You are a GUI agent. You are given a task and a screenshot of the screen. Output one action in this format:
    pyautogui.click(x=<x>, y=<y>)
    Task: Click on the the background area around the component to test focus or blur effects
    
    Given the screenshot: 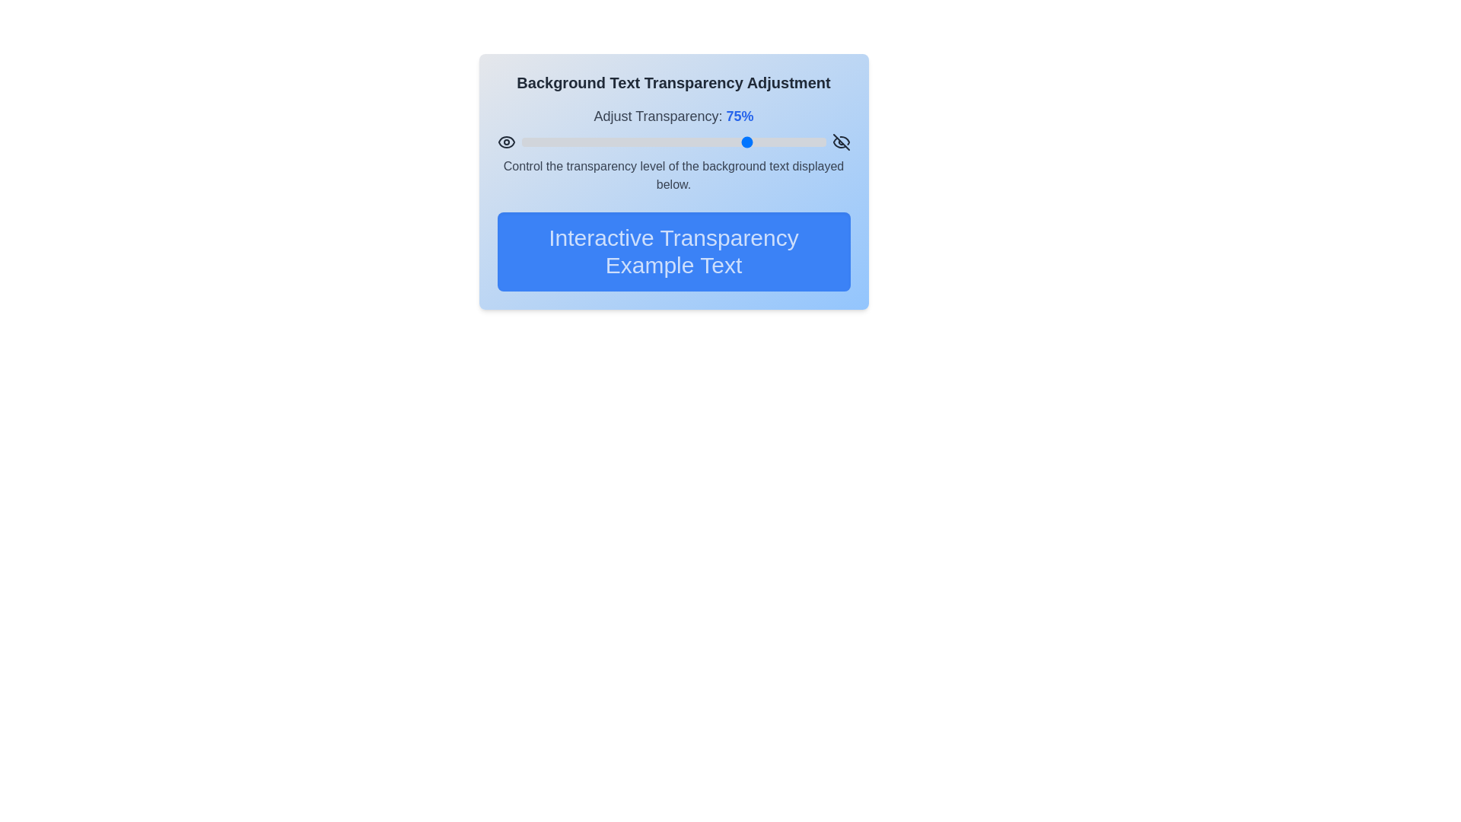 What is the action you would take?
    pyautogui.click(x=584, y=0)
    